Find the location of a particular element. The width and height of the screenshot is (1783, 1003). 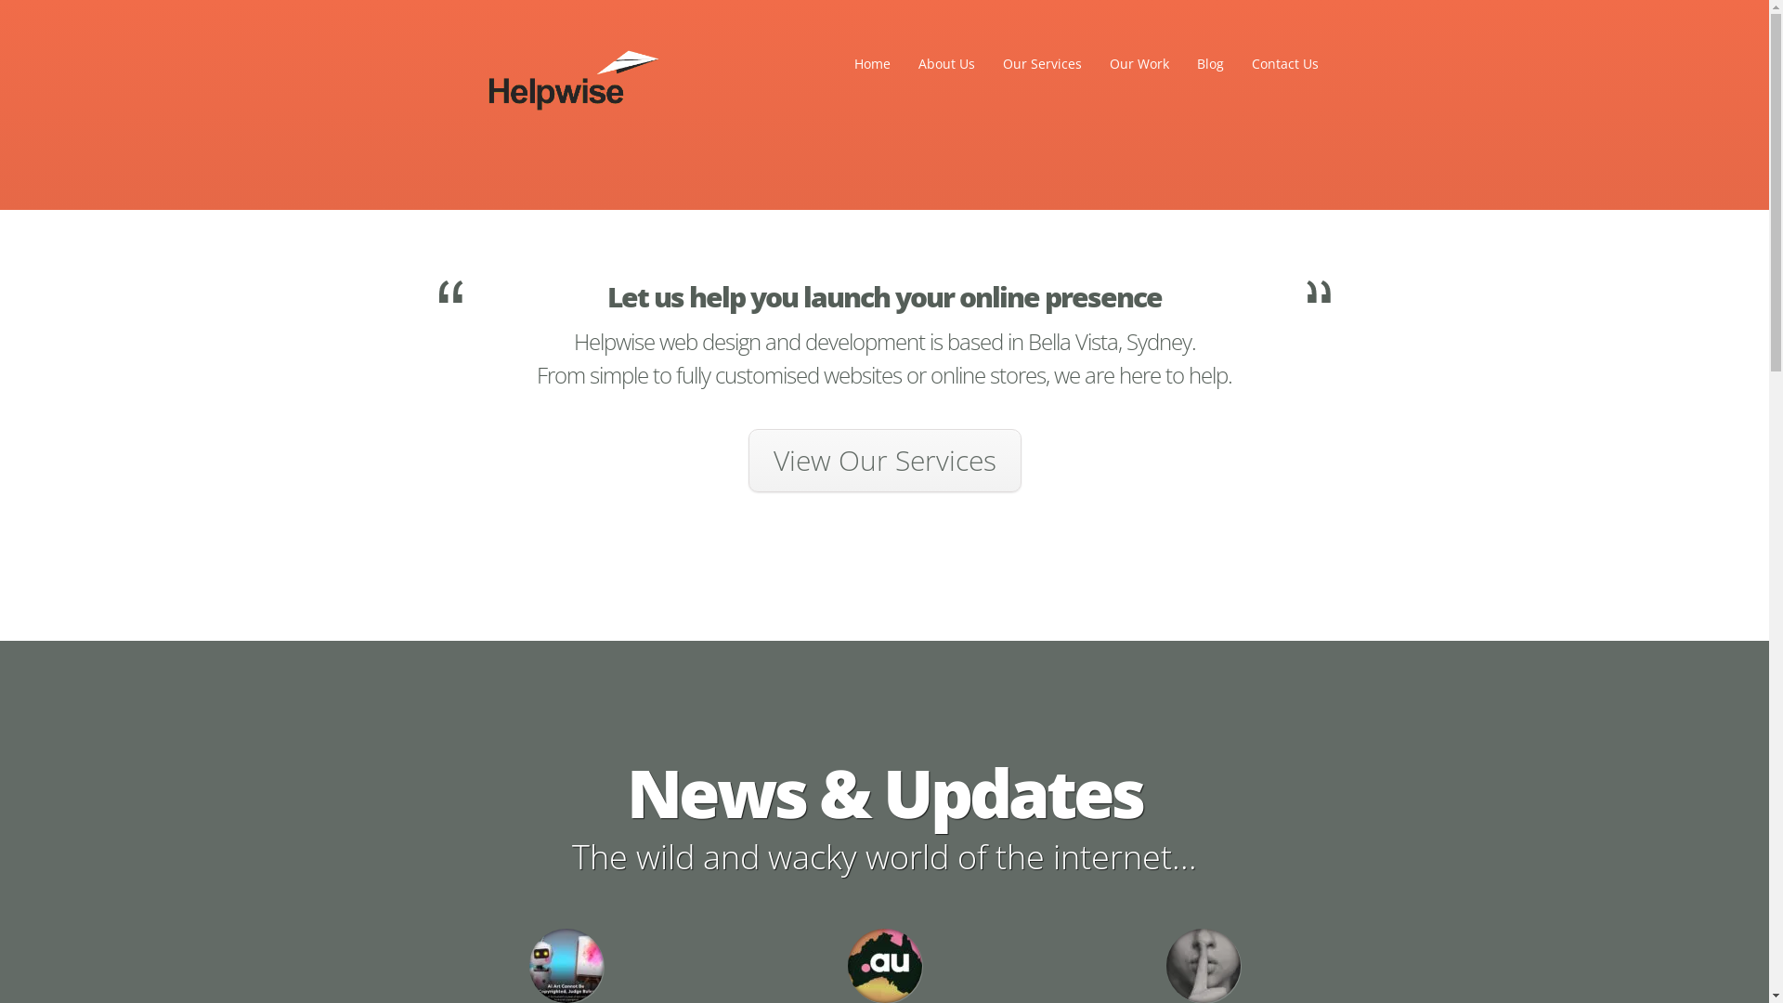

'Our Work' is located at coordinates (1139, 63).